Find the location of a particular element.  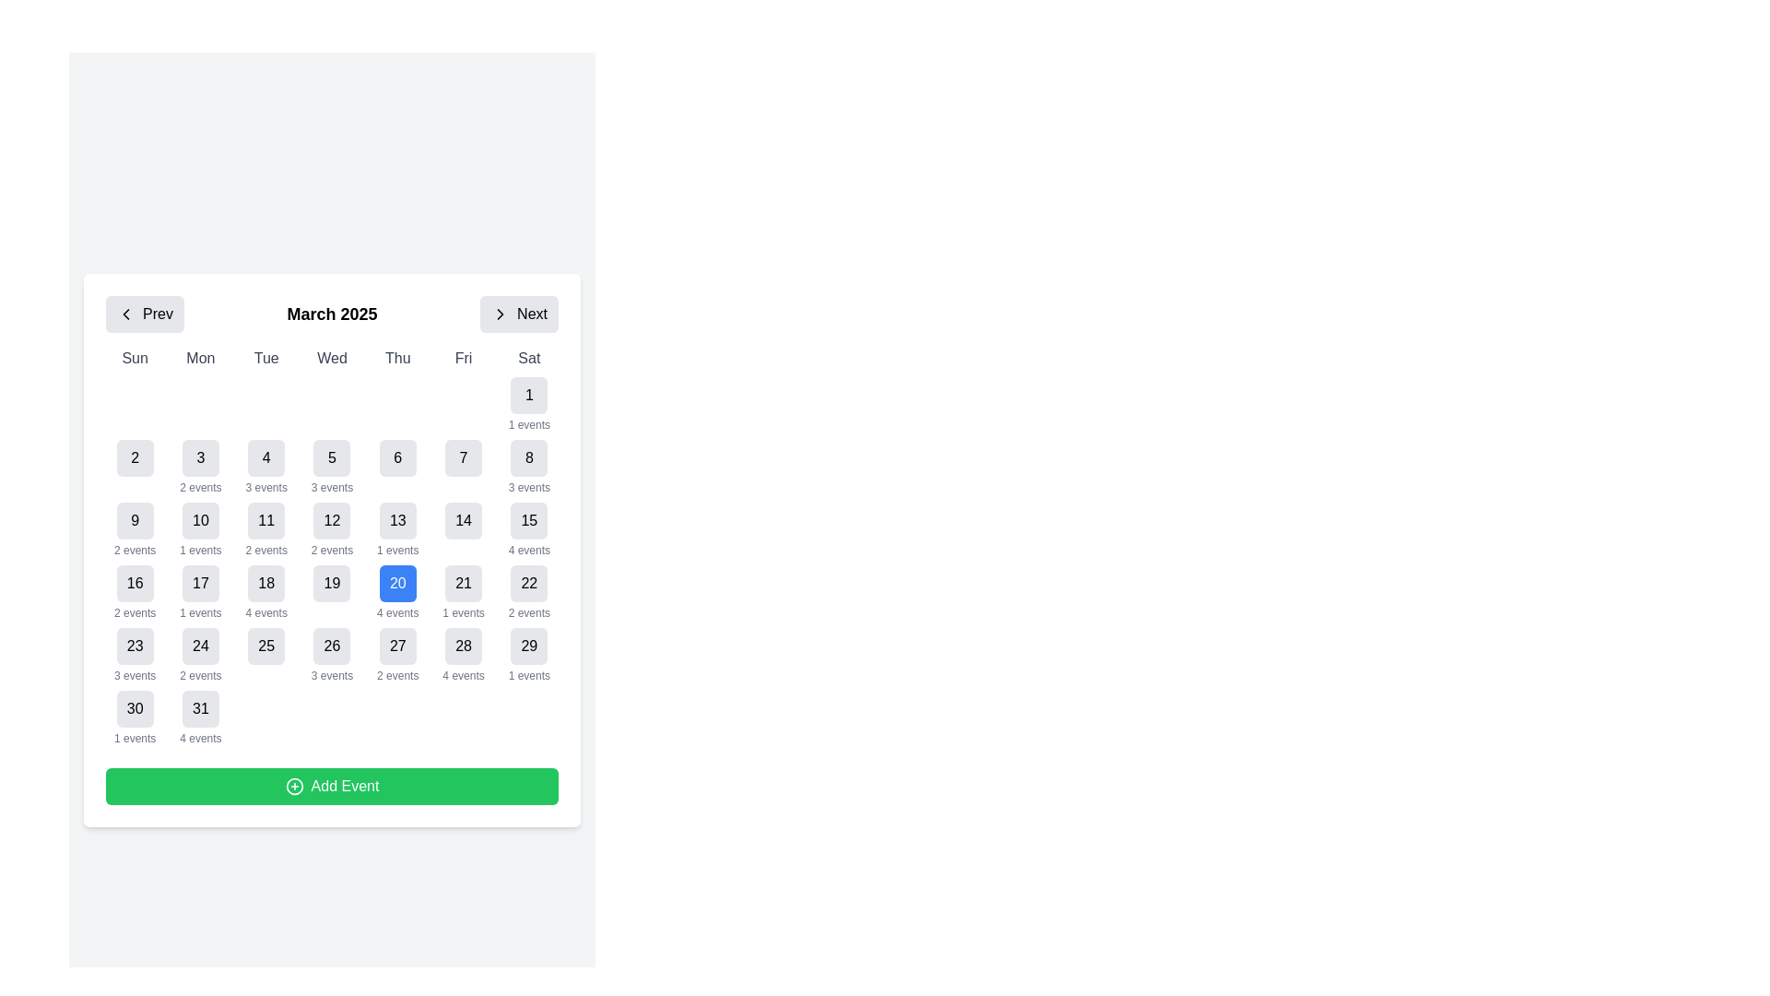

the interactive calendar date button for the date '27' is located at coordinates (396, 646).